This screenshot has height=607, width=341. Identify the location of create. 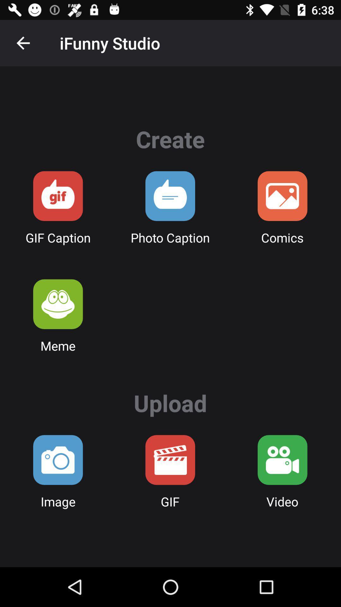
(170, 196).